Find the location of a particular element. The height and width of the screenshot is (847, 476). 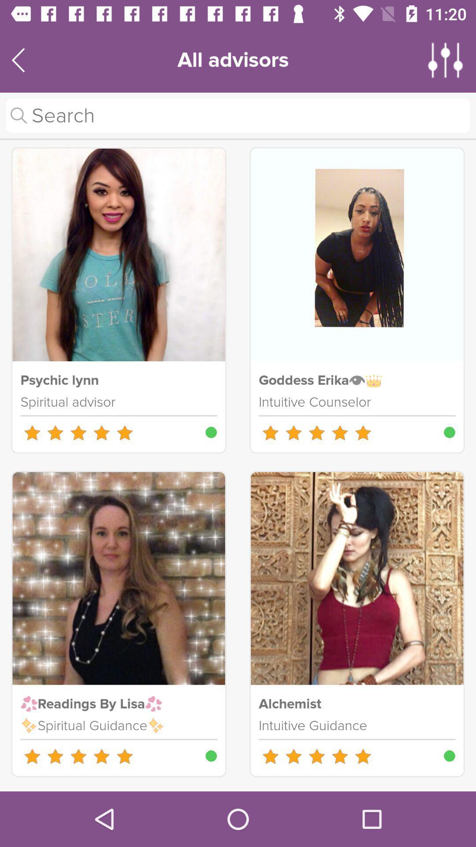

search tool is located at coordinates (238, 115).